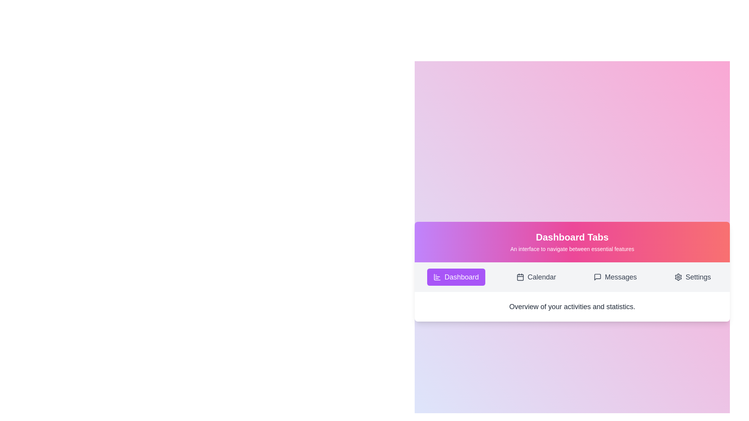 This screenshot has width=749, height=421. Describe the element at coordinates (437, 276) in the screenshot. I see `the bar chart icon located within the 'Dashboard' button, which is positioned at the leftmost side of the tab navigation bar near the bottom left of the application interface` at that location.